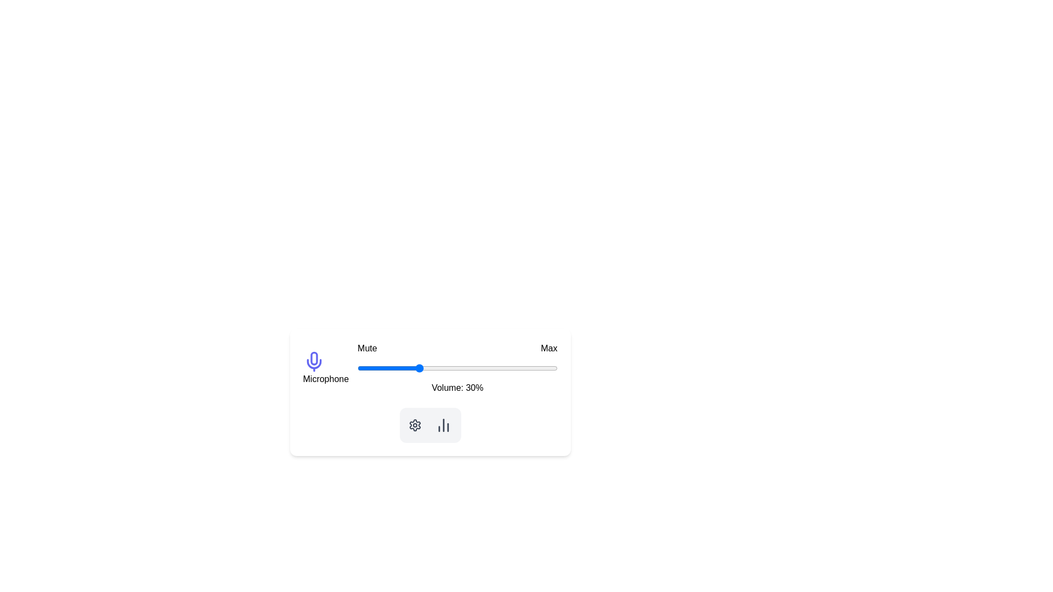 Image resolution: width=1053 pixels, height=592 pixels. I want to click on the bar chart icon to access analytics or statistics, so click(443, 424).